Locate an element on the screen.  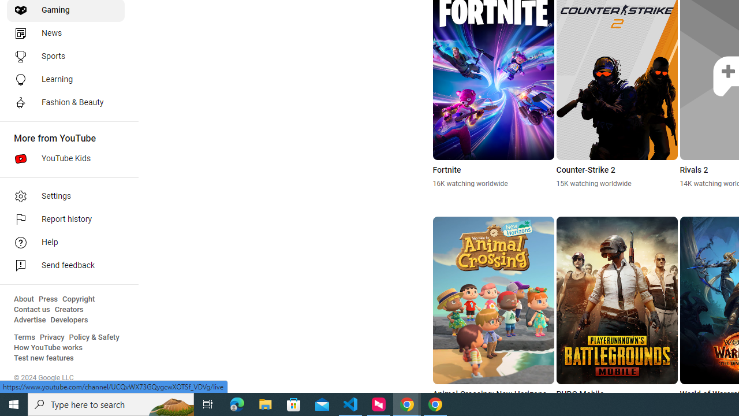
'Send feedback' is located at coordinates (65, 266).